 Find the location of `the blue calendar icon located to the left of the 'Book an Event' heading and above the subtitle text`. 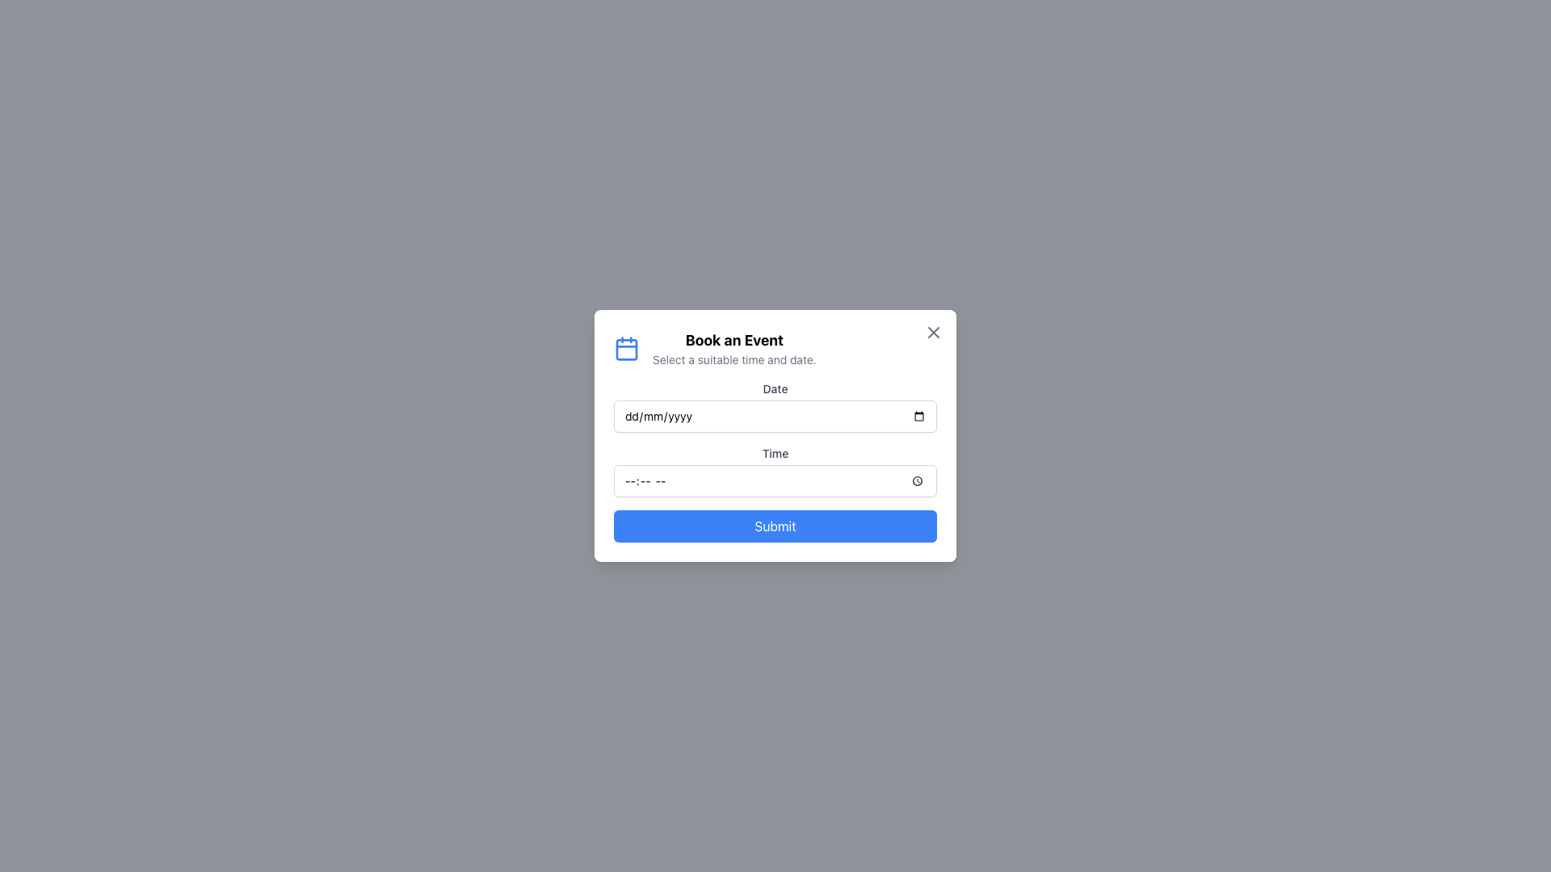

the blue calendar icon located to the left of the 'Book an Event' heading and above the subtitle text is located at coordinates (626, 348).